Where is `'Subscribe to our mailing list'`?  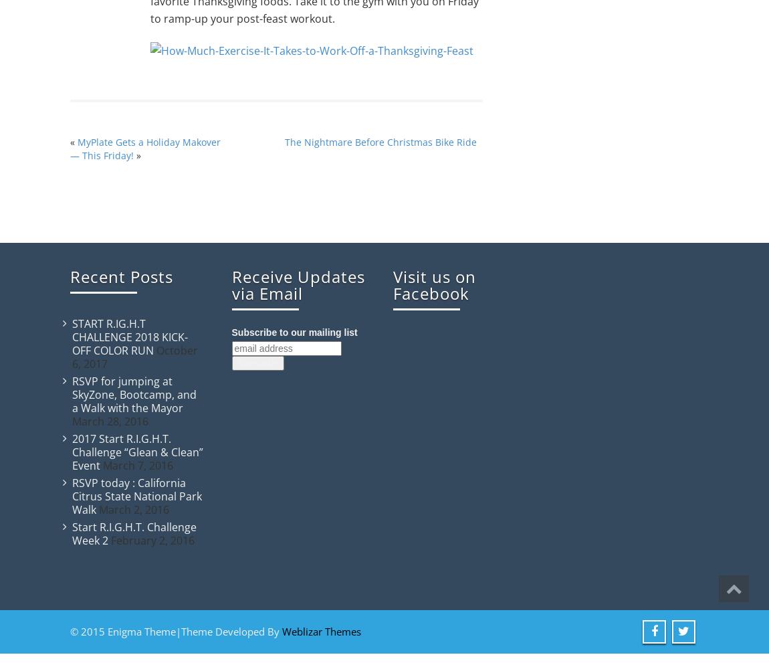
'Subscribe to our mailing list' is located at coordinates (294, 332).